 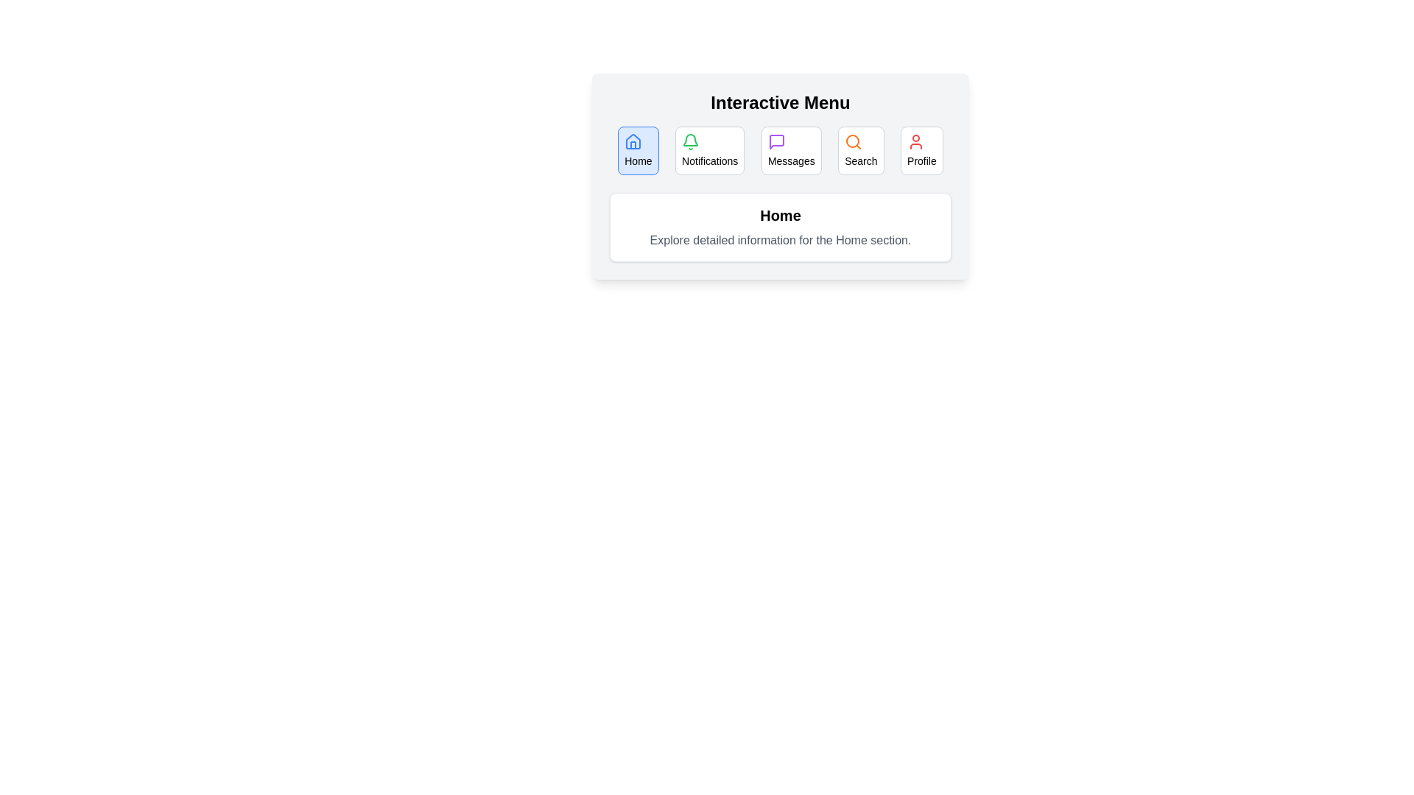 What do you see at coordinates (921, 161) in the screenshot?
I see `the 'Profile' text label, which indicates the function of the 'Profile' button in the top right of the horizontal menu bar` at bounding box center [921, 161].